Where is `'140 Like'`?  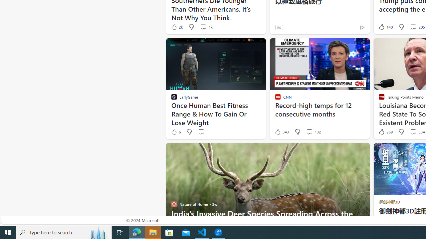
'140 Like' is located at coordinates (385, 27).